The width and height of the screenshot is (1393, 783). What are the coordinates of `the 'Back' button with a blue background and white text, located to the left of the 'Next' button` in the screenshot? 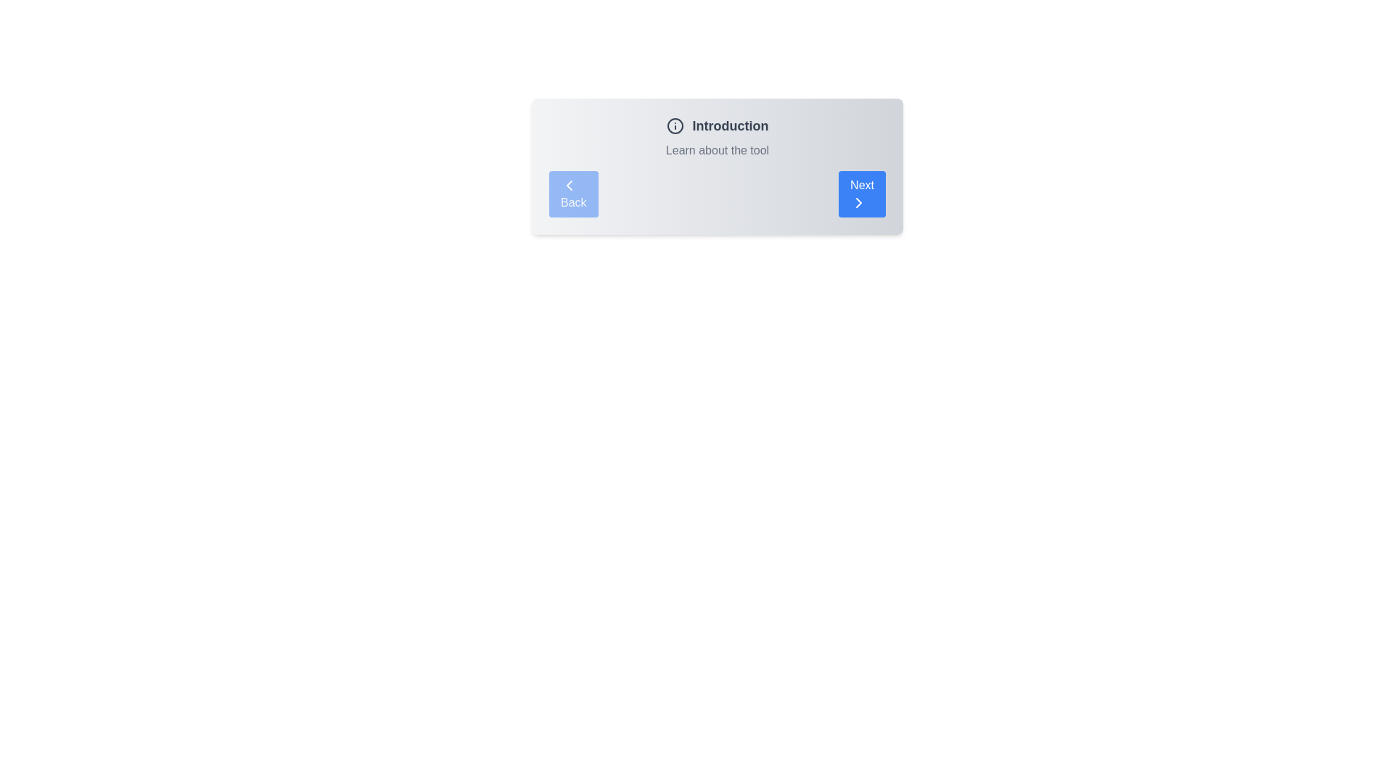 It's located at (572, 193).